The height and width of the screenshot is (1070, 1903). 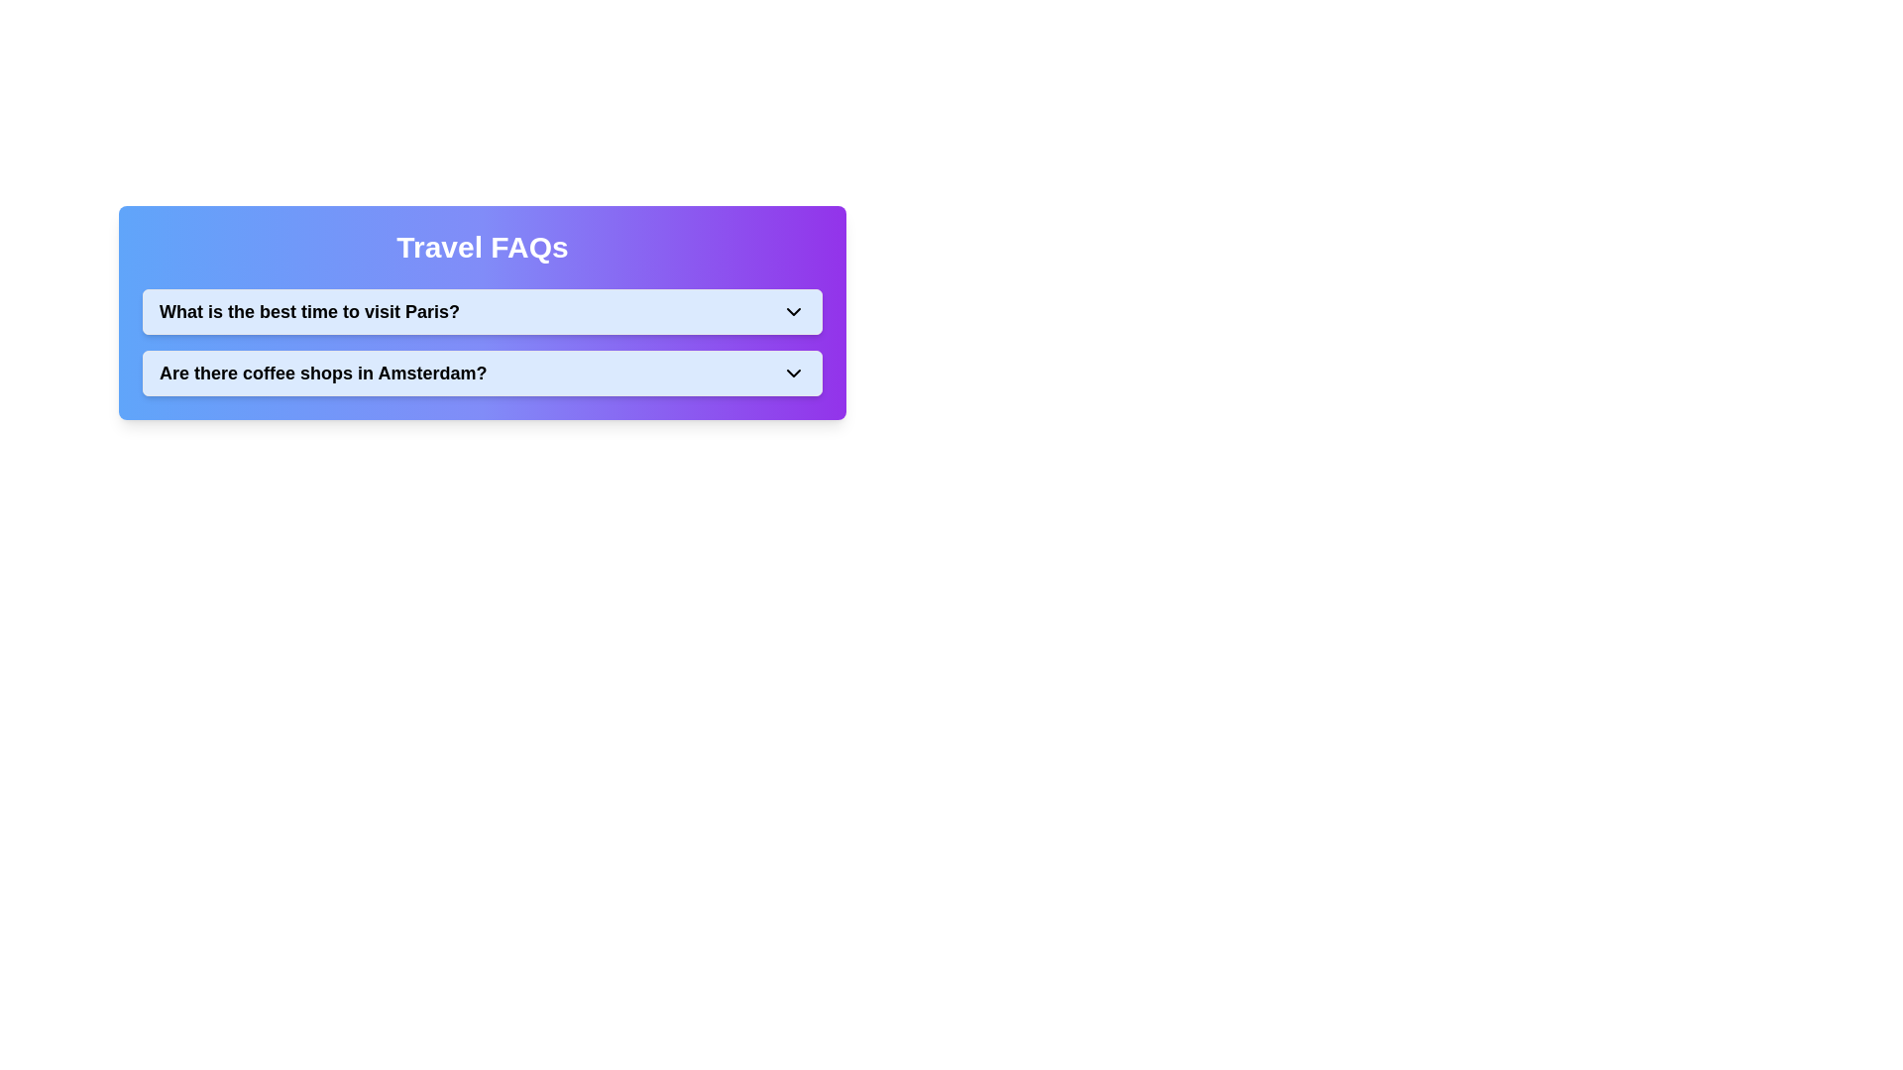 What do you see at coordinates (482, 312) in the screenshot?
I see `the first FAQ dropdown item titled 'What is the best time to visit Paris?' under 'Travel FAQs'` at bounding box center [482, 312].